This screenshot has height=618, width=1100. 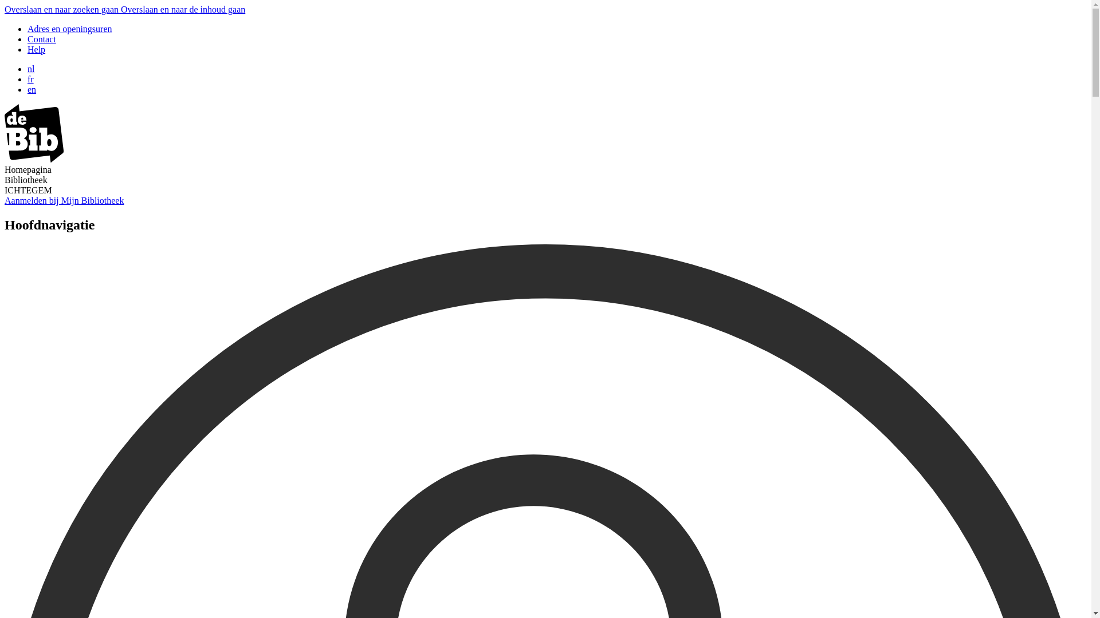 I want to click on 'Help', so click(x=36, y=49).